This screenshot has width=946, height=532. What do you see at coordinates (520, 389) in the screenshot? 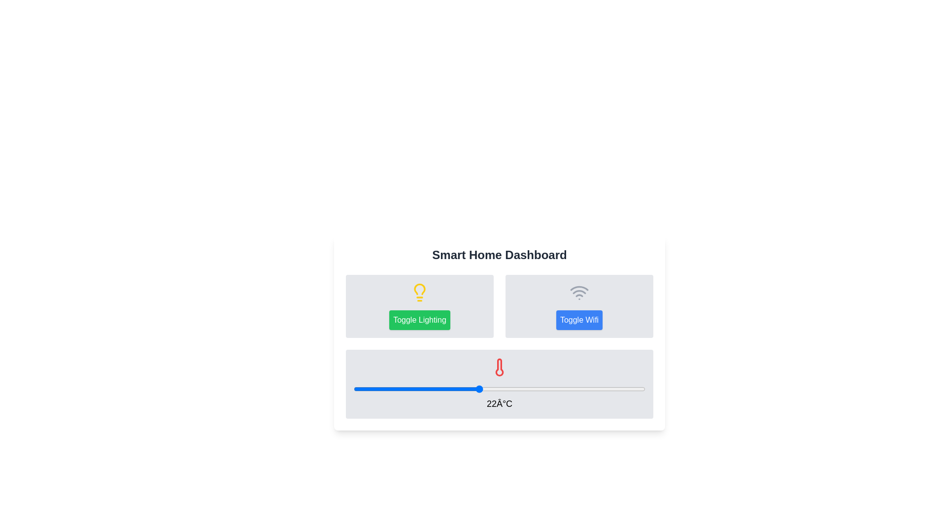
I see `the temperature` at bounding box center [520, 389].